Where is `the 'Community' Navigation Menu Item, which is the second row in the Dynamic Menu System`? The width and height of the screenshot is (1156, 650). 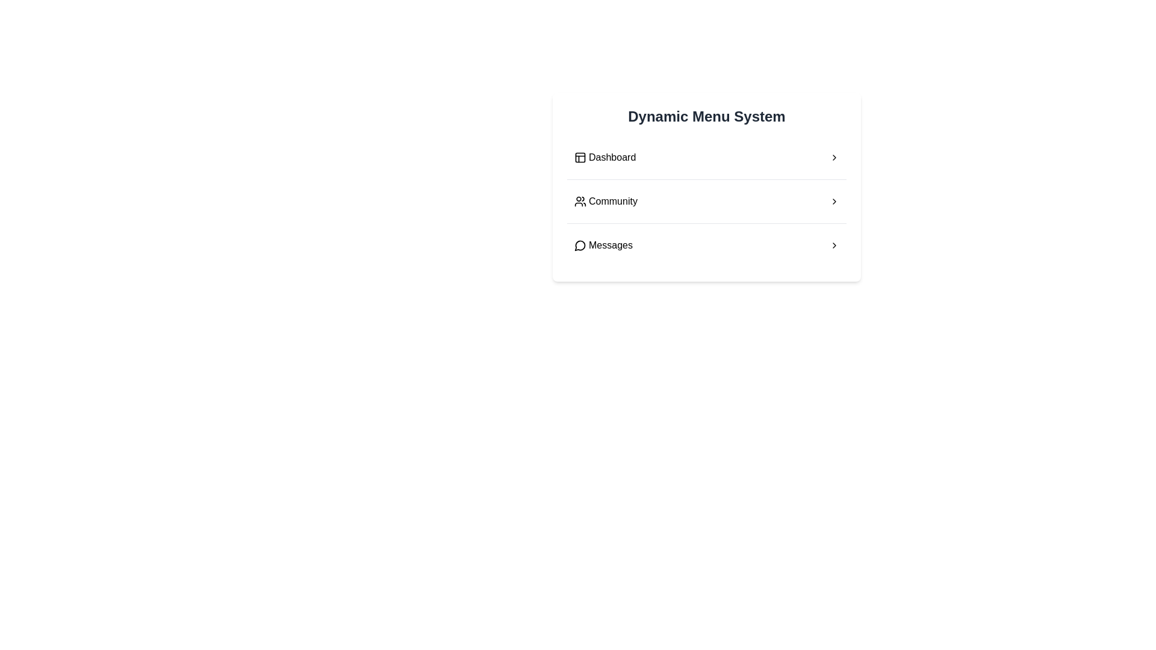
the 'Community' Navigation Menu Item, which is the second row in the Dynamic Menu System is located at coordinates (707, 201).